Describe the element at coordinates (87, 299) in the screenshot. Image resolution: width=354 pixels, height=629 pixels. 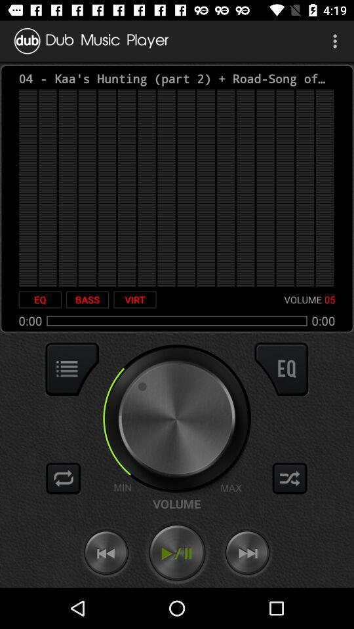
I see `icon next to  virt  icon` at that location.